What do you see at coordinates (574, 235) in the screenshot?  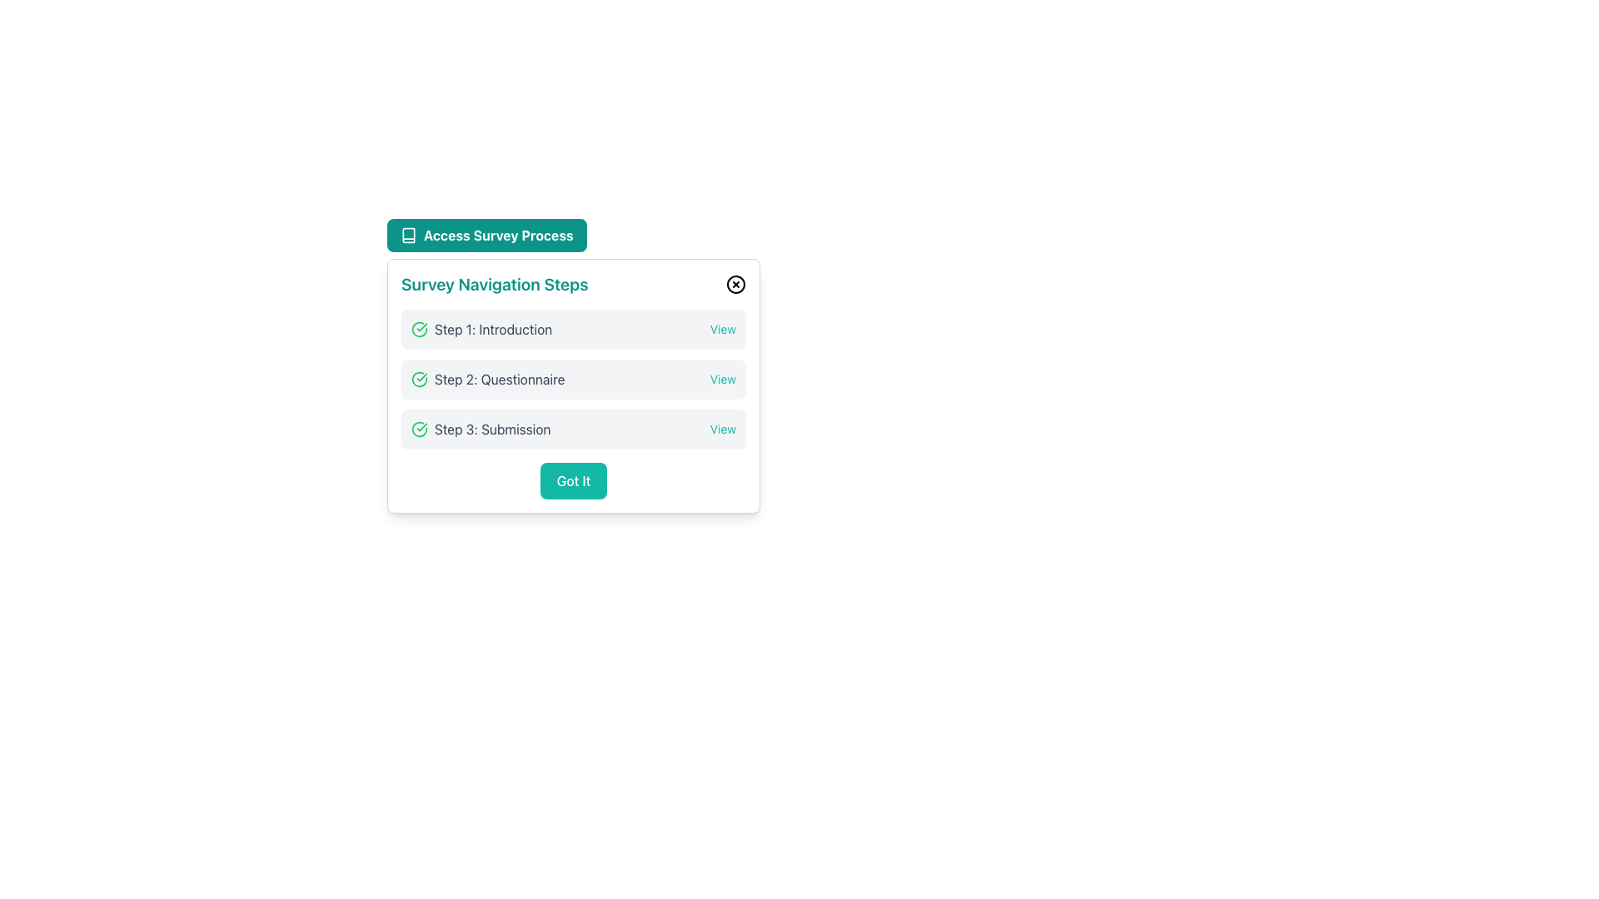 I see `the horizontally oriented teal button with rounded edges labeled 'Access Survey Process'` at bounding box center [574, 235].